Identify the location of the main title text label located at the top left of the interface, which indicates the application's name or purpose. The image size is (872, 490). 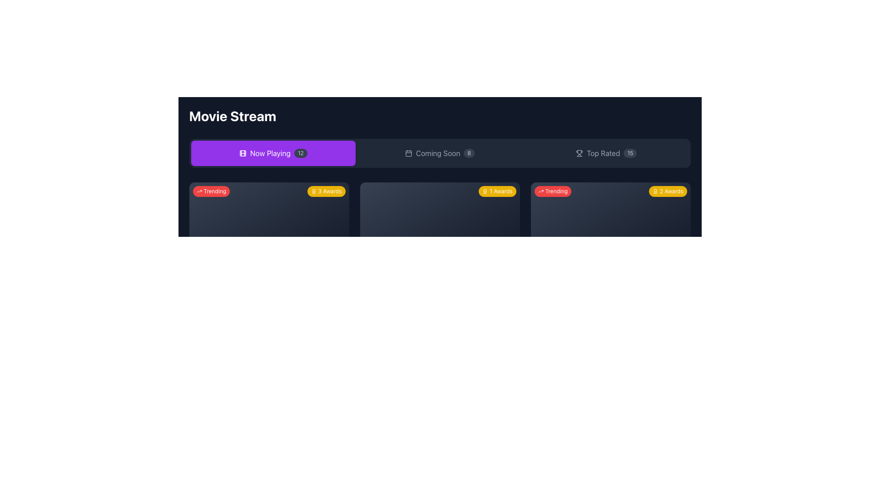
(233, 115).